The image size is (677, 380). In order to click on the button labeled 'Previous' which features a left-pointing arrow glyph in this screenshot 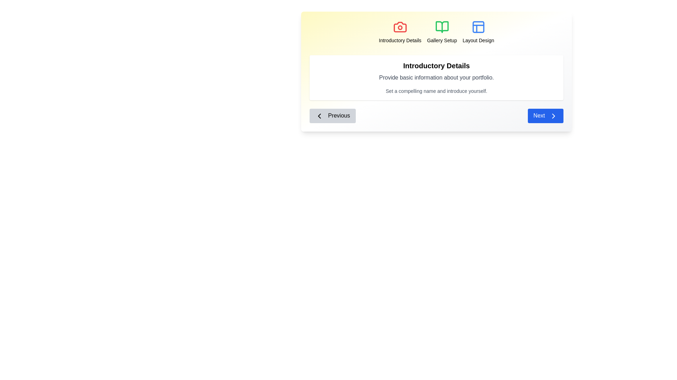, I will do `click(319, 115)`.